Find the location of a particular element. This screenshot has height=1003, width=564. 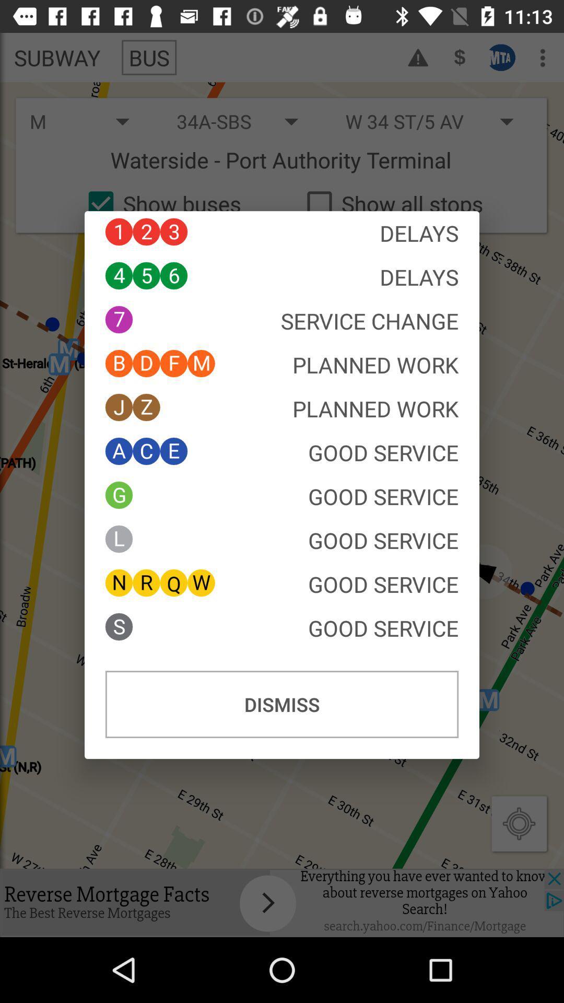

dismiss is located at coordinates (282, 704).